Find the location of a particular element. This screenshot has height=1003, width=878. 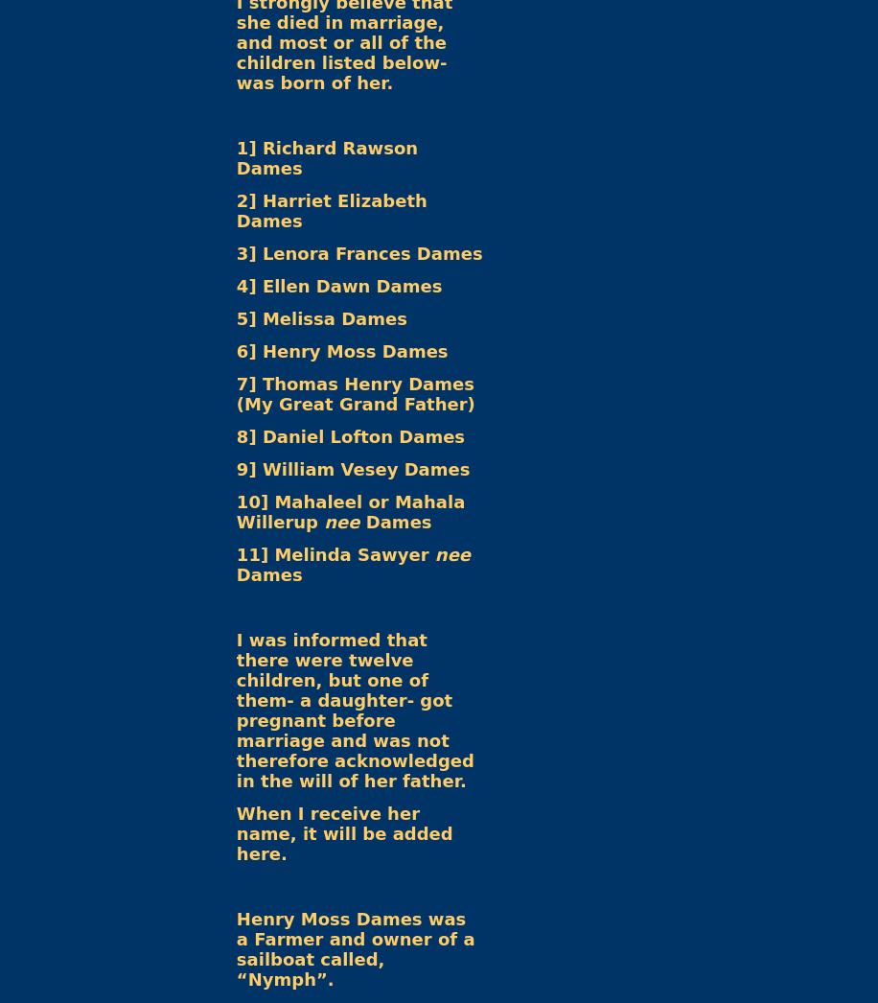

'10] Mahaleel or Mahala Willerup' is located at coordinates (350, 510).